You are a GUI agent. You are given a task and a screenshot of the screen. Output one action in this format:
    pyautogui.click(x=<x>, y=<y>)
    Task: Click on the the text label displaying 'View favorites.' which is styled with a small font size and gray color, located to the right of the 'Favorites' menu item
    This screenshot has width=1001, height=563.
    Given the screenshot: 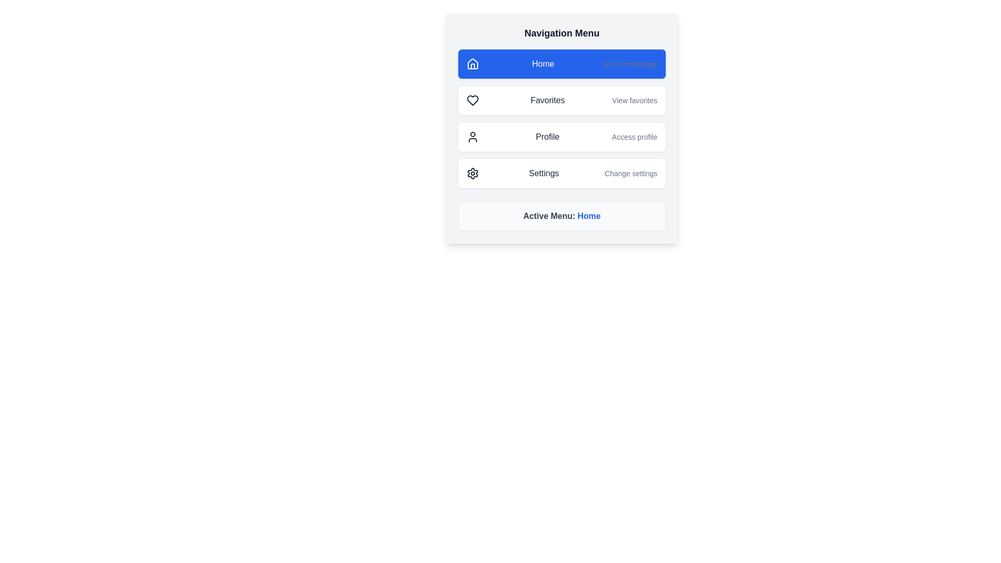 What is the action you would take?
    pyautogui.click(x=634, y=100)
    